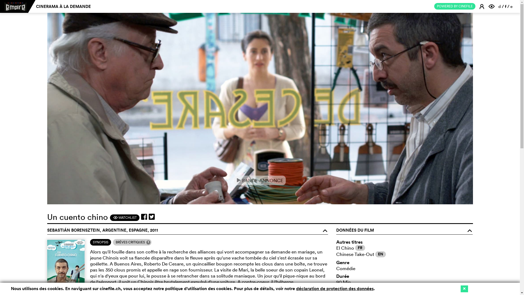 This screenshot has height=295, width=524. What do you see at coordinates (492, 6) in the screenshot?
I see `'F'` at bounding box center [492, 6].